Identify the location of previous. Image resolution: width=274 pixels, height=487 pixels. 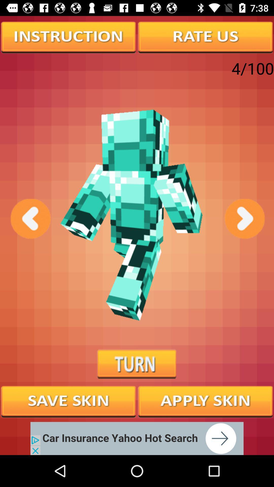
(30, 219).